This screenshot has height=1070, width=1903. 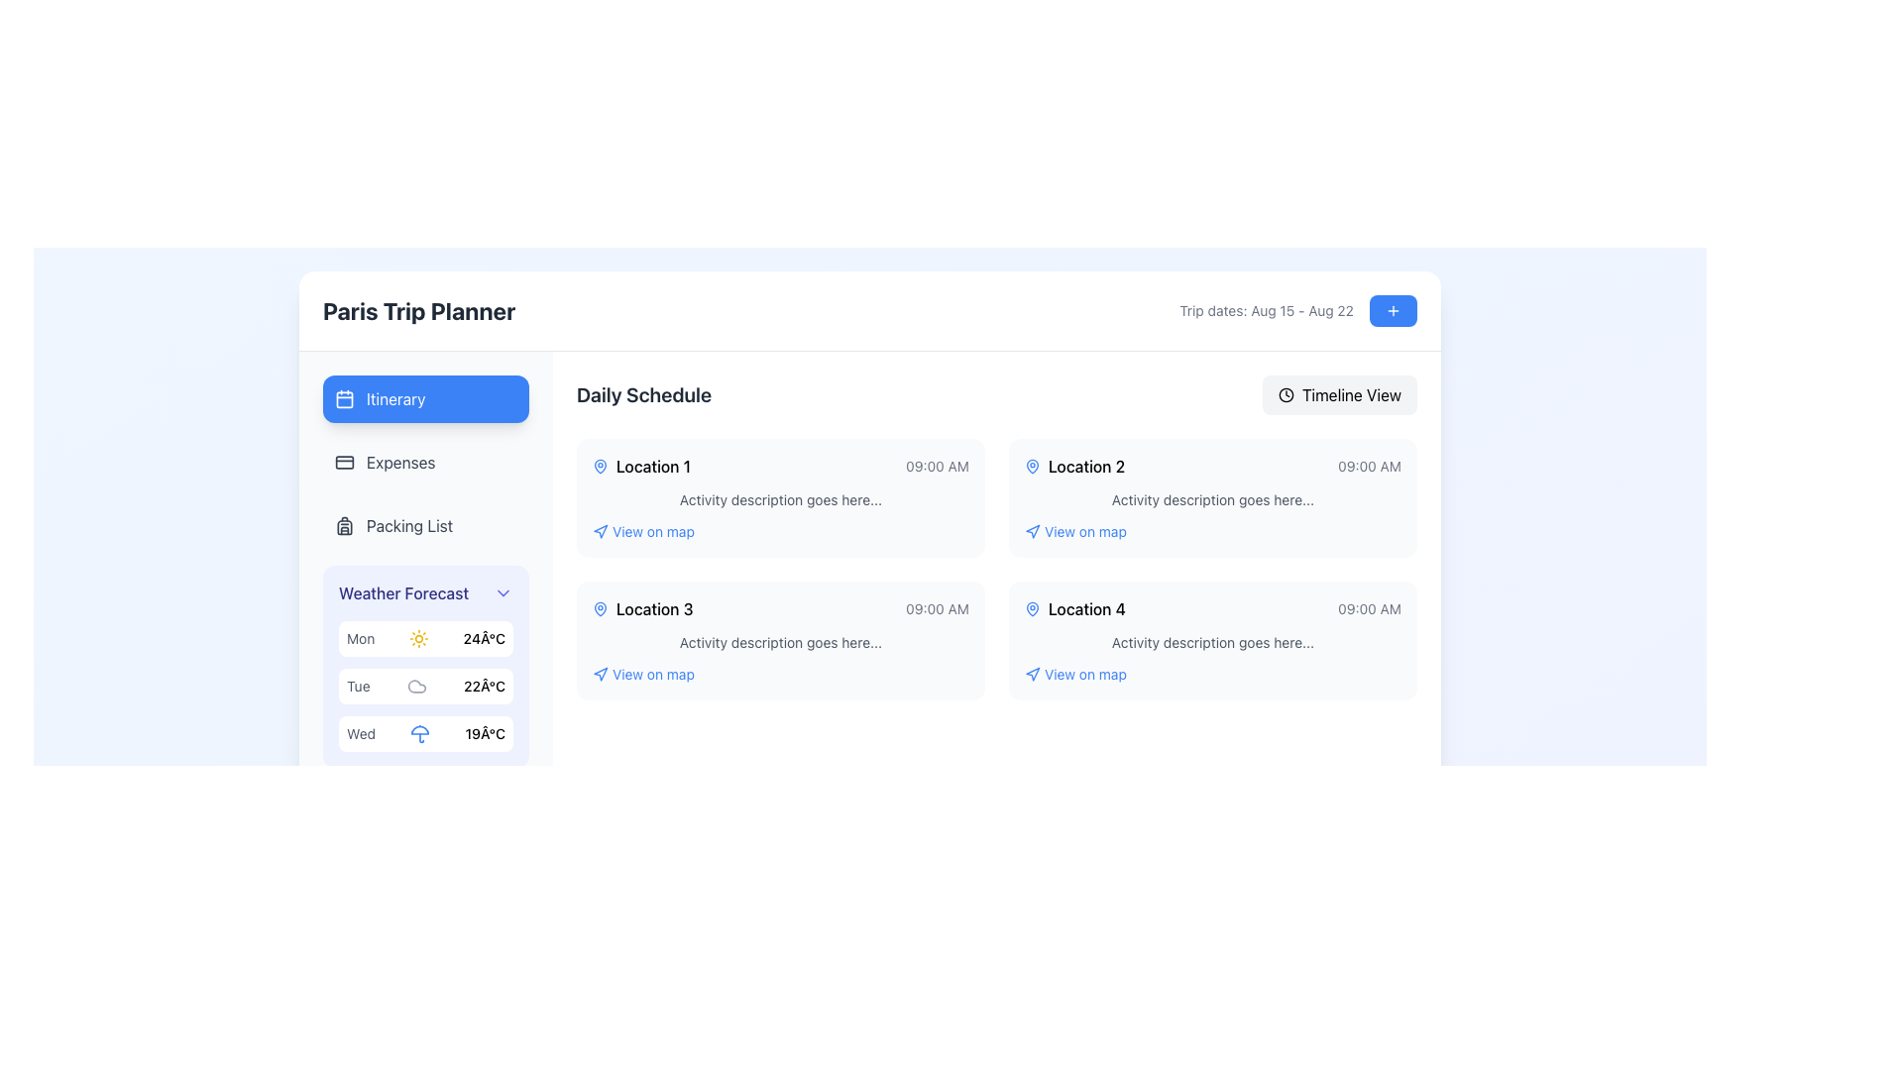 What do you see at coordinates (425, 525) in the screenshot?
I see `the button located in the left sidebar beneath 'Expenses' and above 'Weather Forecast'` at bounding box center [425, 525].